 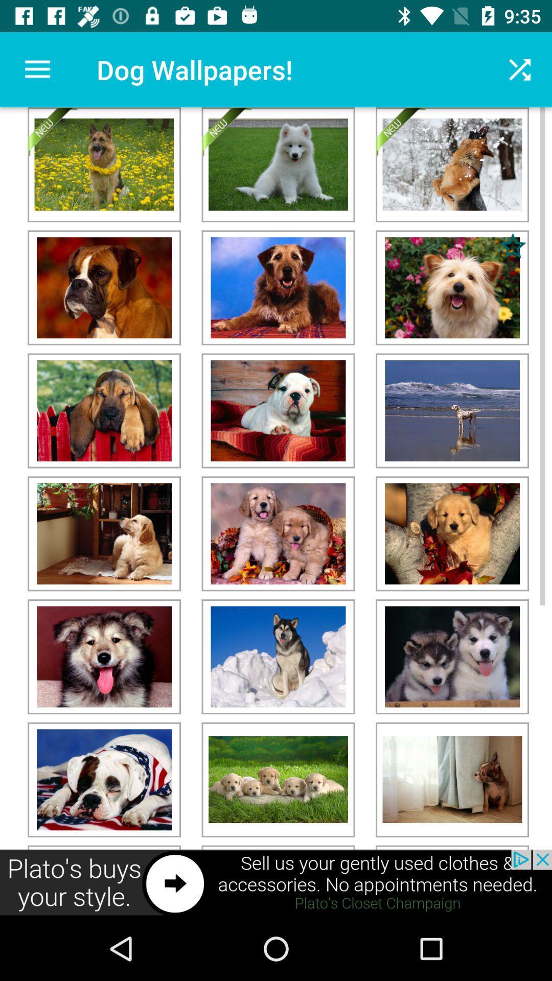 What do you see at coordinates (276, 882) in the screenshot?
I see `open advertisement` at bounding box center [276, 882].